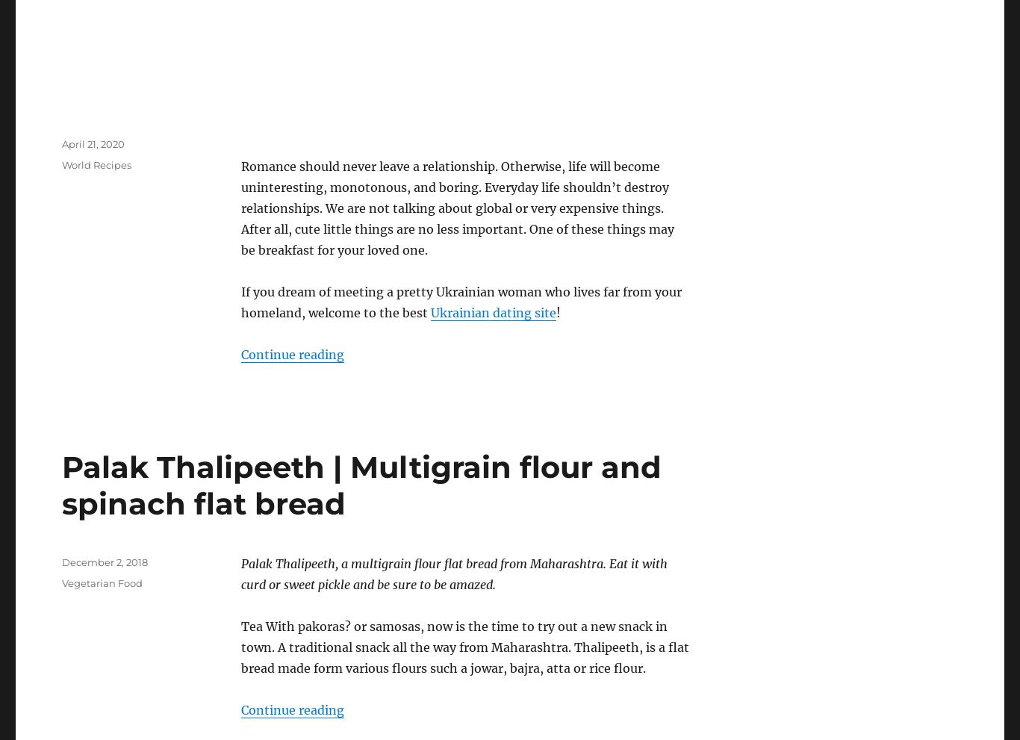 This screenshot has height=740, width=1020. What do you see at coordinates (102, 582) in the screenshot?
I see `'Vegetarian Food'` at bounding box center [102, 582].